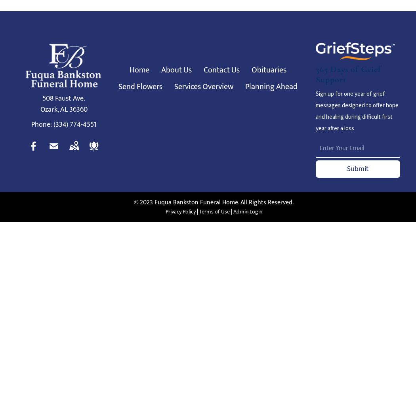 This screenshot has width=416, height=396. What do you see at coordinates (221, 70) in the screenshot?
I see `'Contact Us'` at bounding box center [221, 70].